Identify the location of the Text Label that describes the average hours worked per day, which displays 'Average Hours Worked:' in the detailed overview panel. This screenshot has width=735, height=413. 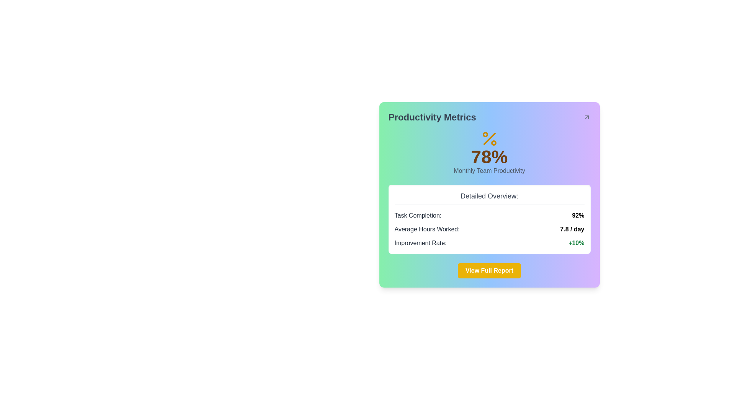
(426, 229).